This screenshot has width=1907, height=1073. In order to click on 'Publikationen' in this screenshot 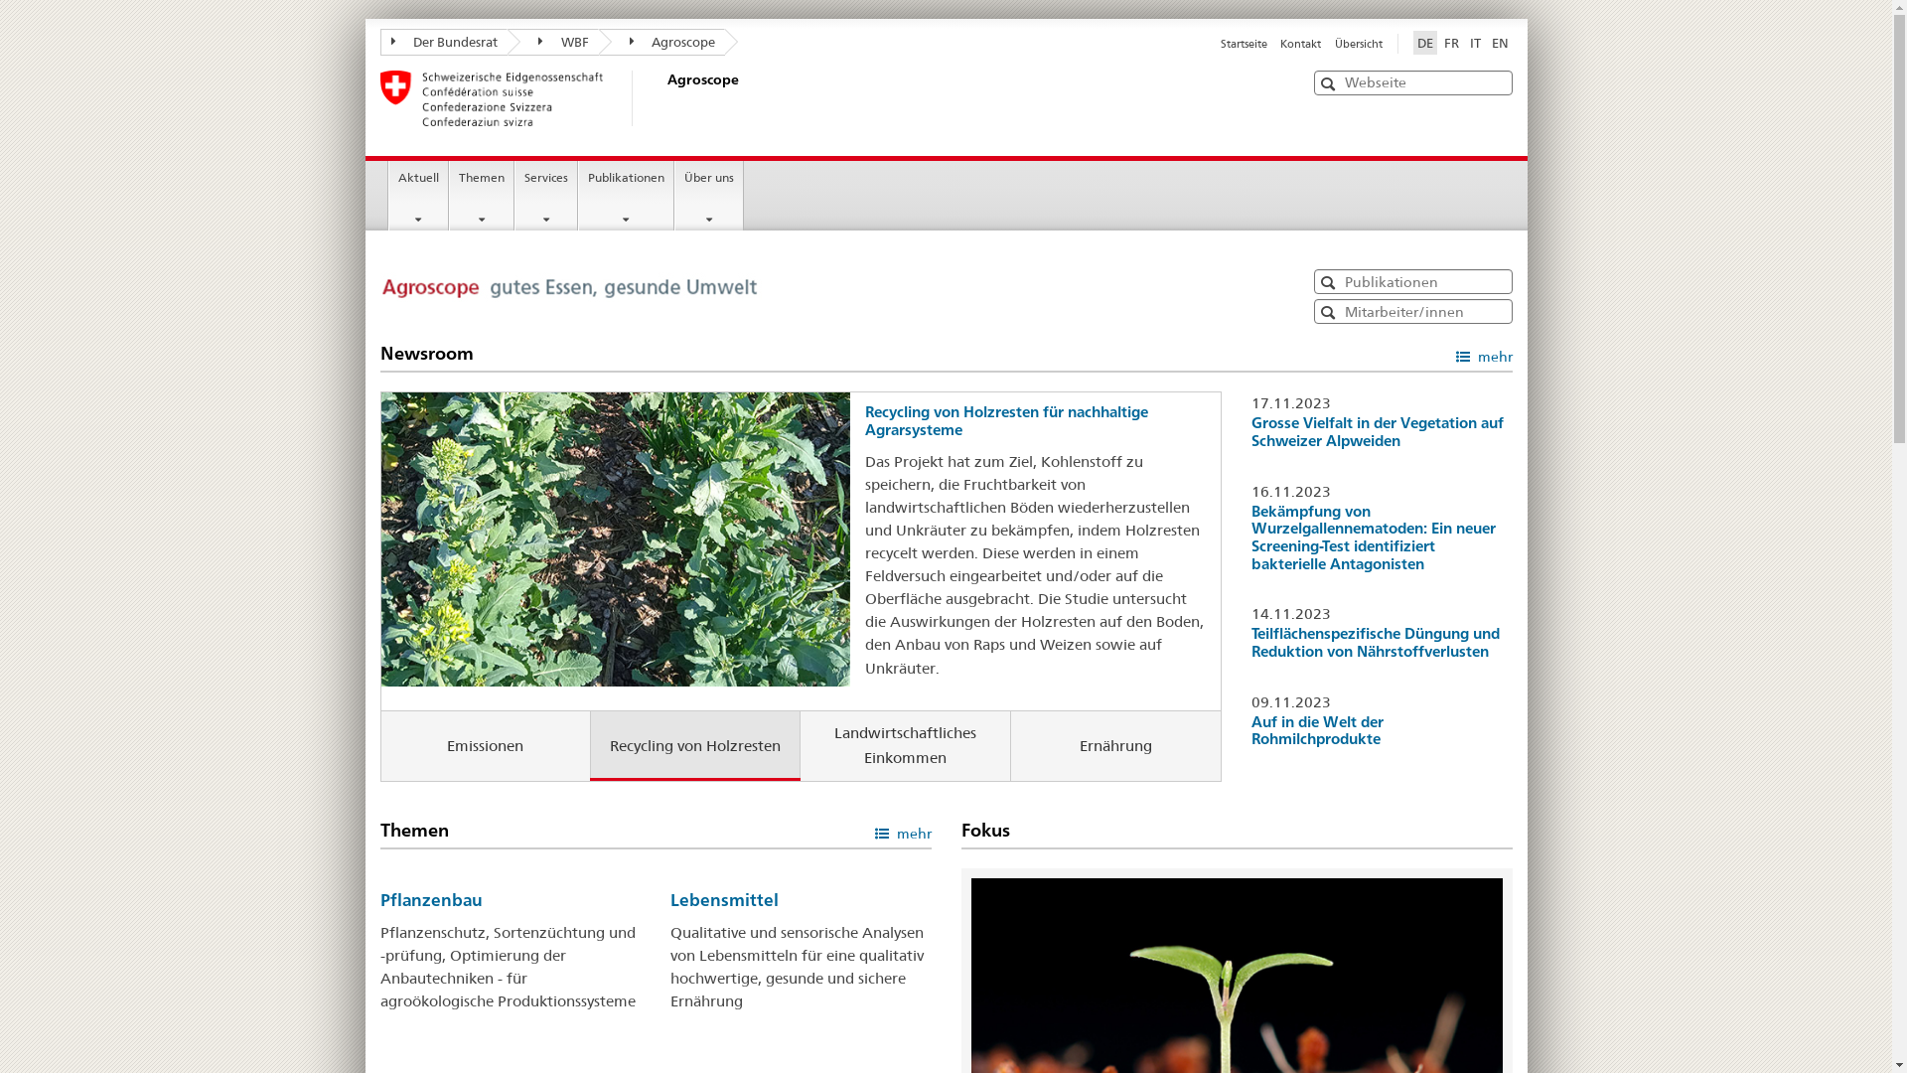, I will do `click(625, 195)`.